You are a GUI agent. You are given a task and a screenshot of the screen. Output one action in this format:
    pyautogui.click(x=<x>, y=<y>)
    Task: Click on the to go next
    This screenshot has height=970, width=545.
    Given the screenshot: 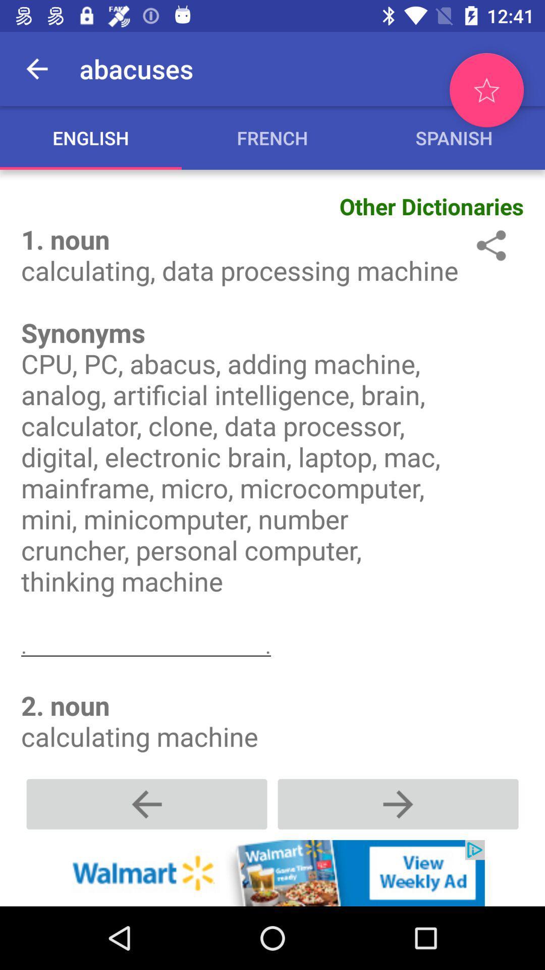 What is the action you would take?
    pyautogui.click(x=398, y=803)
    